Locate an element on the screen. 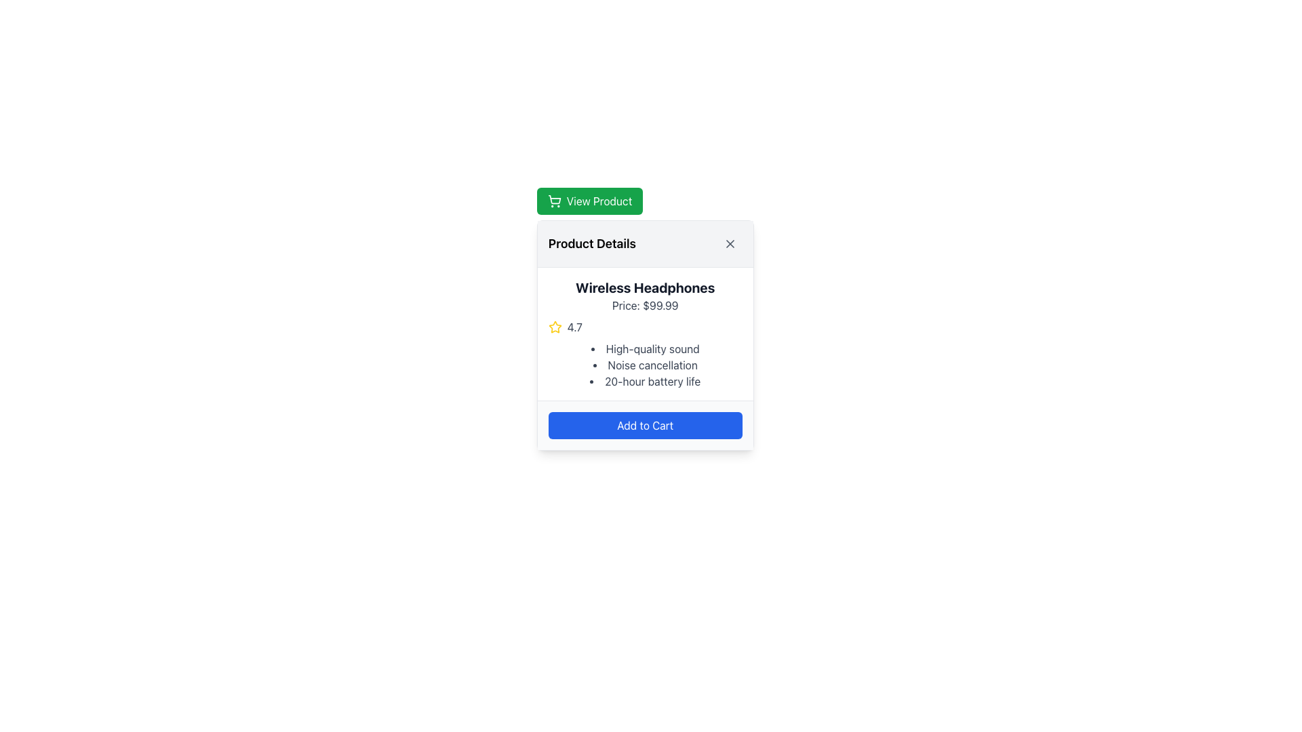  the star rating in the product details card to see the rating system details is located at coordinates (644, 335).